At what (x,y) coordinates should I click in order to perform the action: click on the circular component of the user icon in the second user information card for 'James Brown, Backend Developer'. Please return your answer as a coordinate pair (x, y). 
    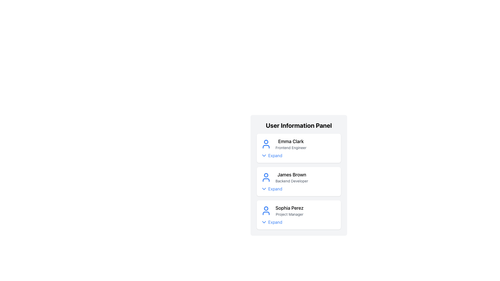
    Looking at the image, I should click on (266, 175).